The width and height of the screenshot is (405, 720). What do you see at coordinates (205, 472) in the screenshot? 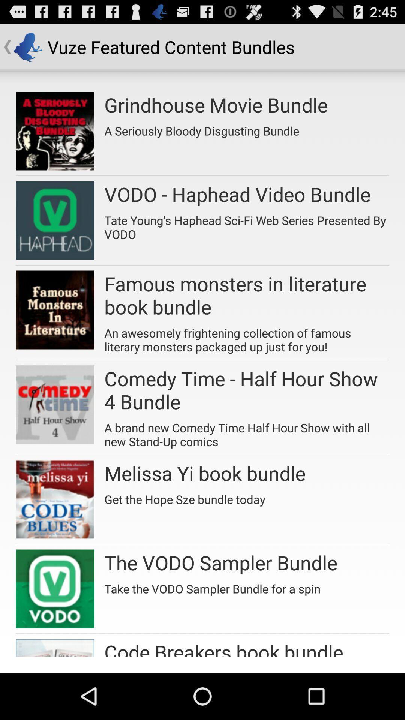
I see `the app below the a brand new item` at bounding box center [205, 472].